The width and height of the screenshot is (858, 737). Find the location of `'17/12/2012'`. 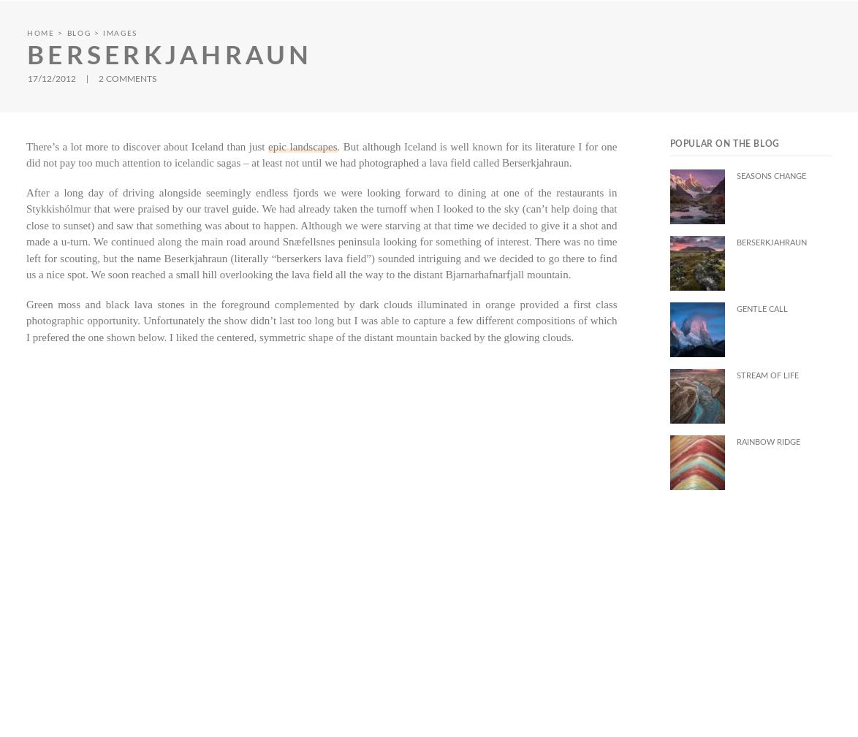

'17/12/2012' is located at coordinates (52, 77).